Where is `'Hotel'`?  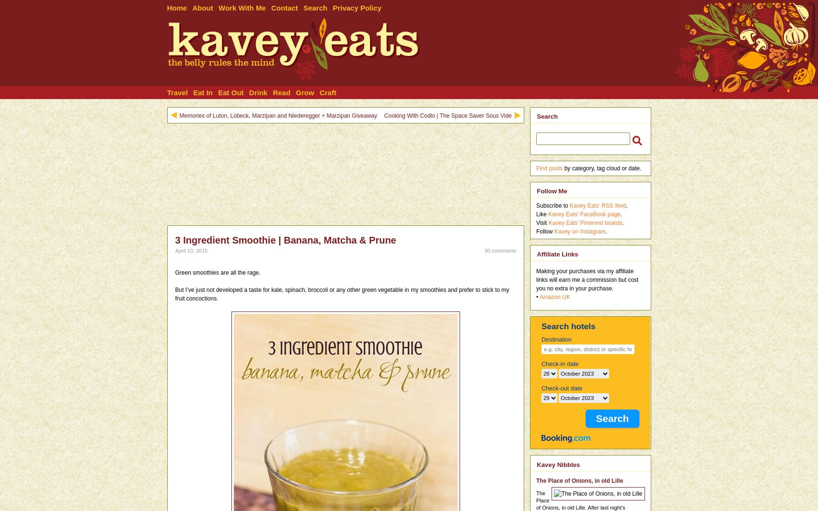
'Hotel' is located at coordinates (181, 128).